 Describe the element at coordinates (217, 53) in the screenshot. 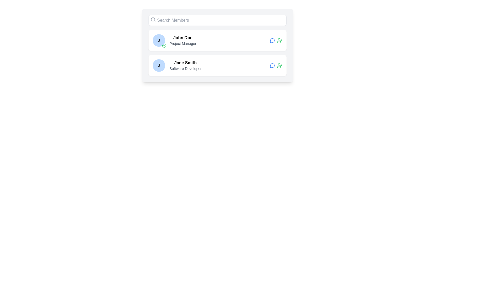

I see `the List component containing interactive user cards that displays 'John Doe' and 'Jane Smith'` at that location.